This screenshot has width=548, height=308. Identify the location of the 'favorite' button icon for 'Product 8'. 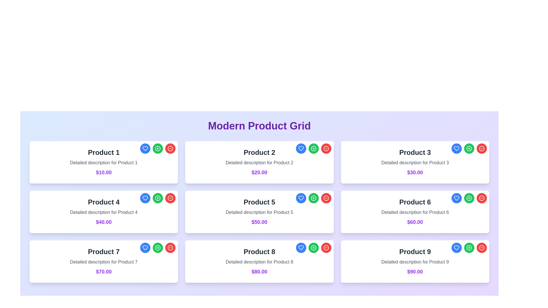
(301, 247).